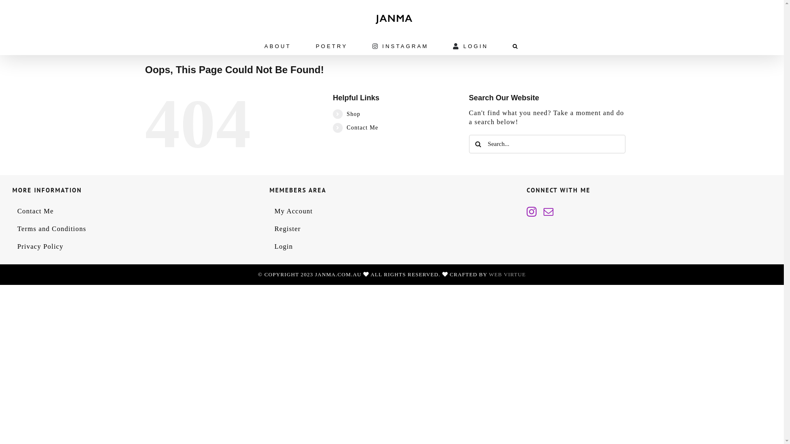  Describe the element at coordinates (360, 46) in the screenshot. I see `'INSTAGRAM'` at that location.